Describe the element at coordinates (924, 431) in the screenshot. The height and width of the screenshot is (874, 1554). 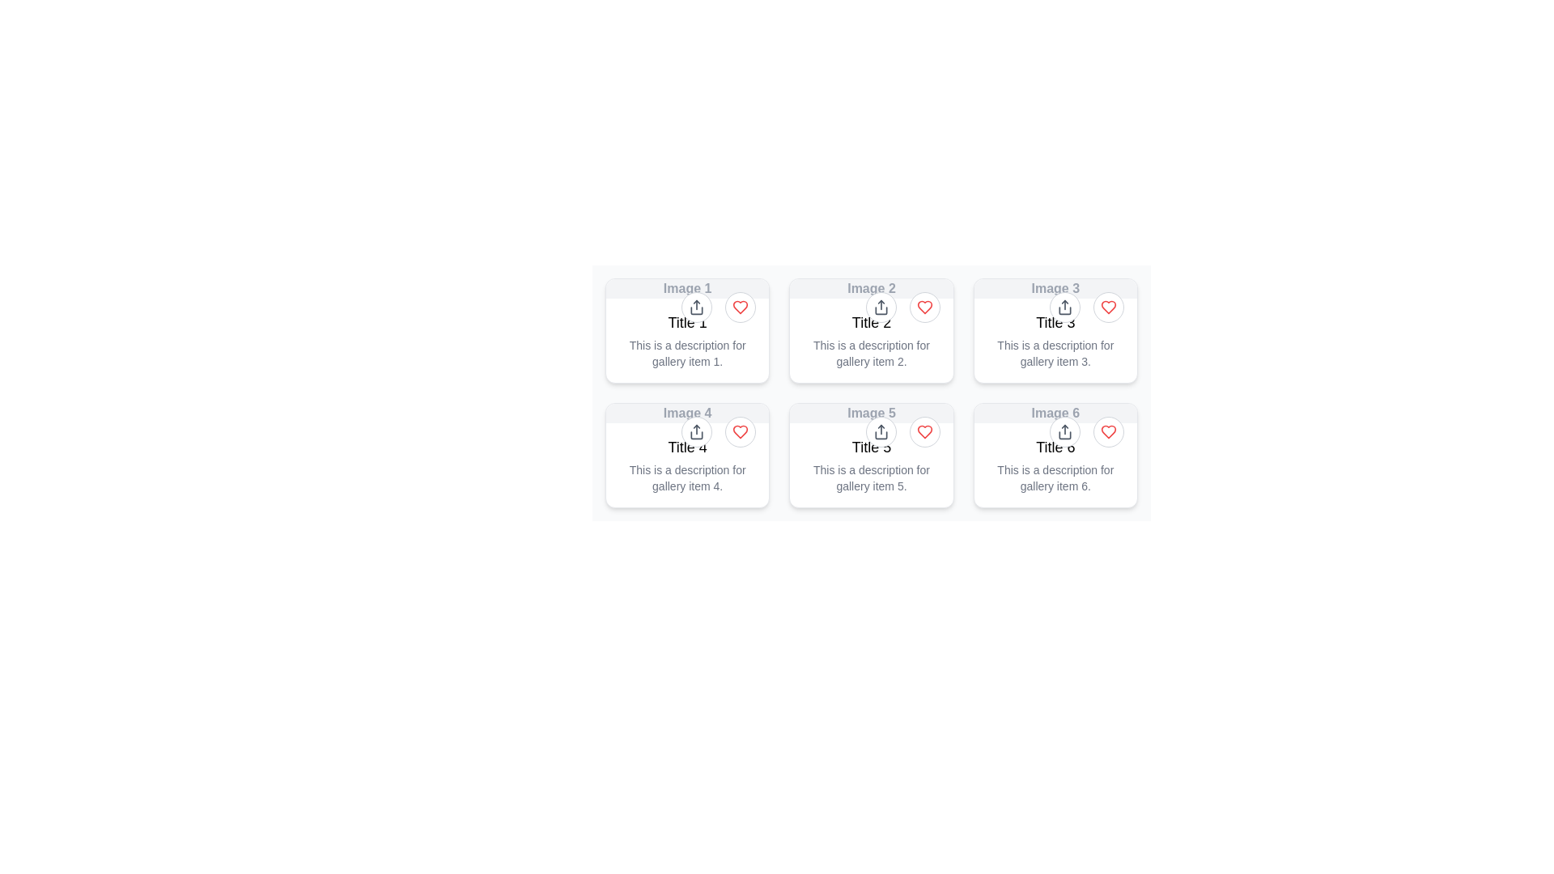
I see `the like button located in the top-right corner of the card labeled 'Title 5'` at that location.